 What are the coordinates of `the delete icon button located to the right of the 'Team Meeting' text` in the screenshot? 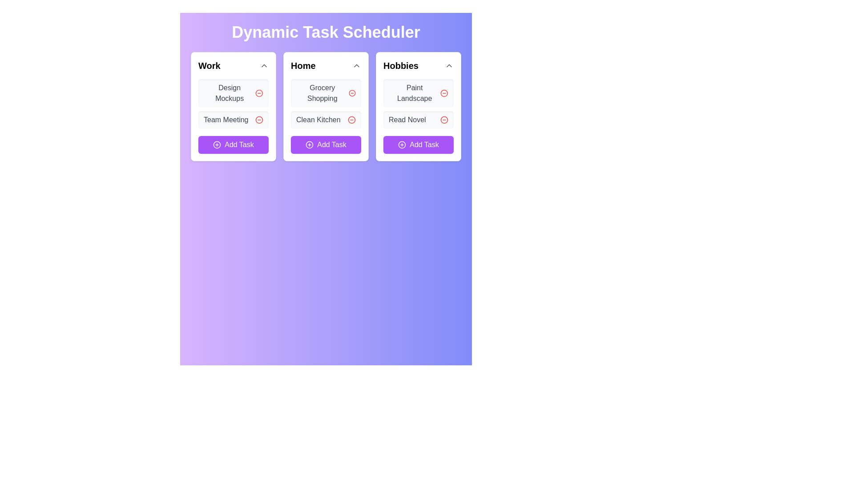 It's located at (258, 120).